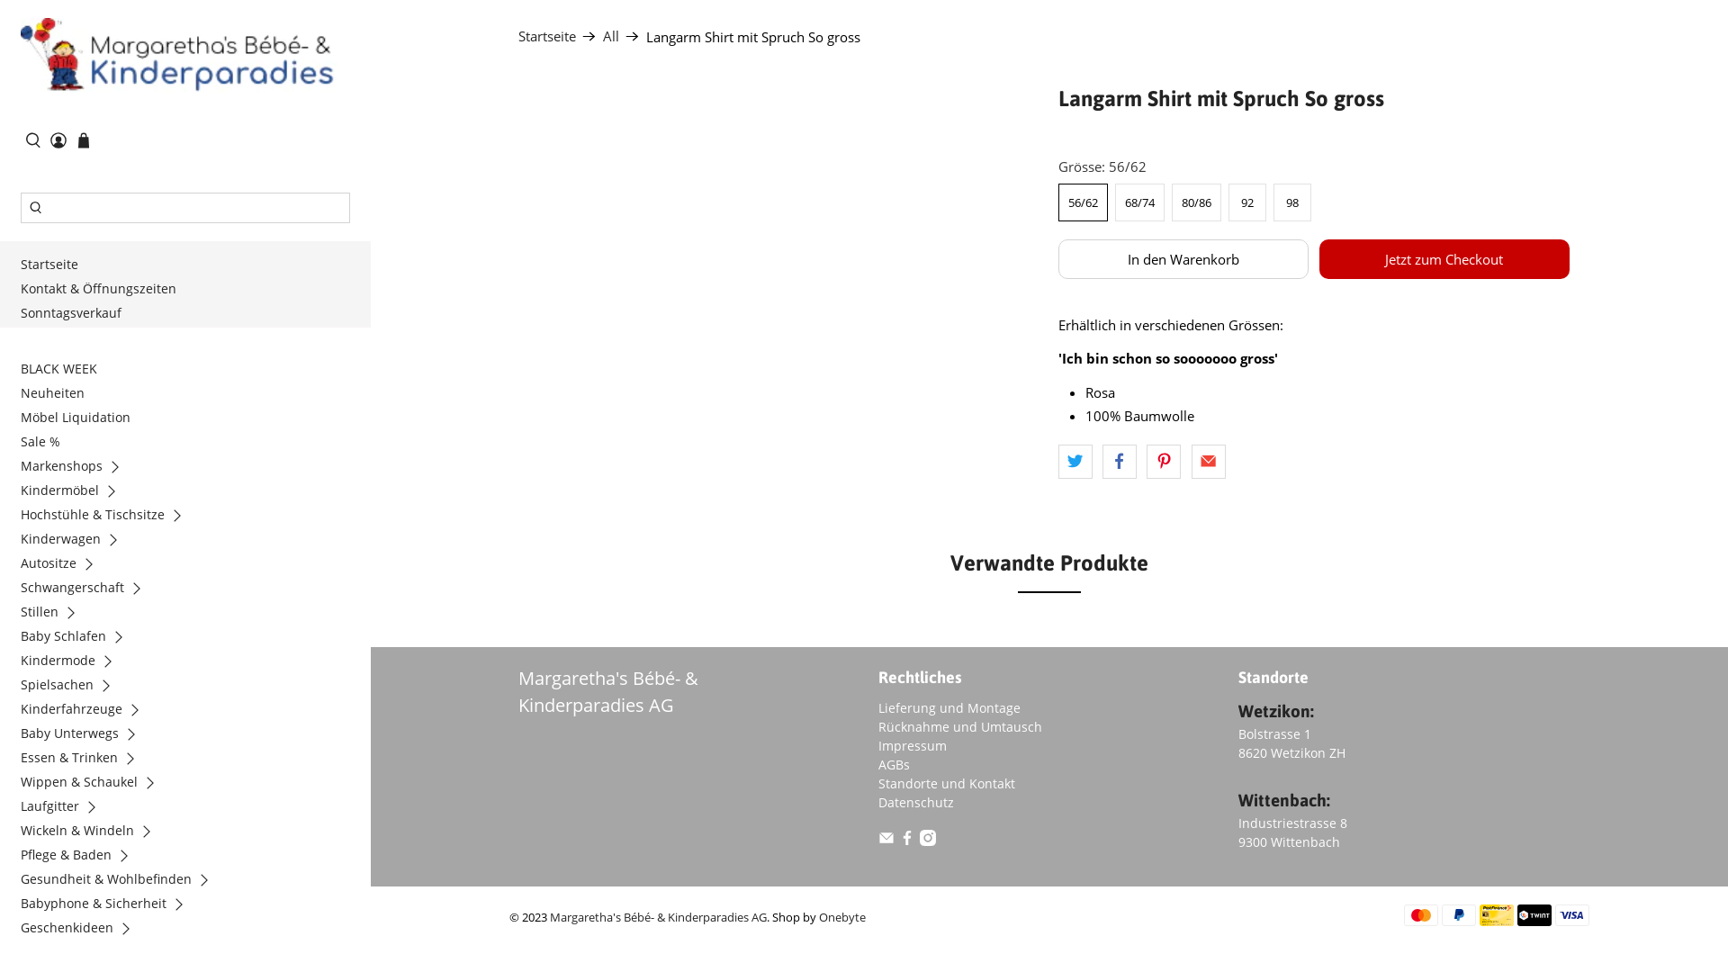 This screenshot has width=1728, height=972. Describe the element at coordinates (65, 807) in the screenshot. I see `'Laufgitter'` at that location.